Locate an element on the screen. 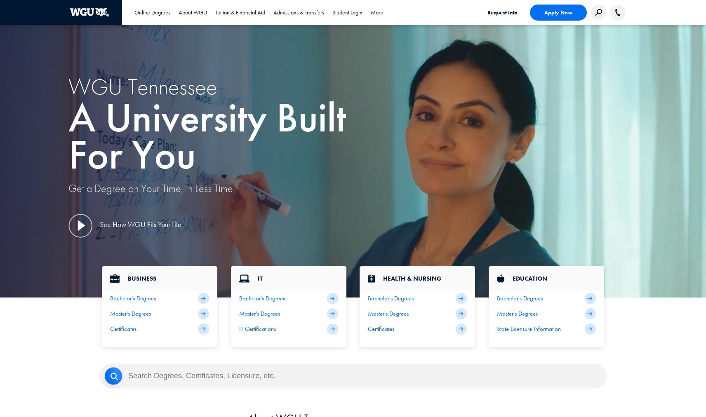  'IT' is located at coordinates (259, 278).